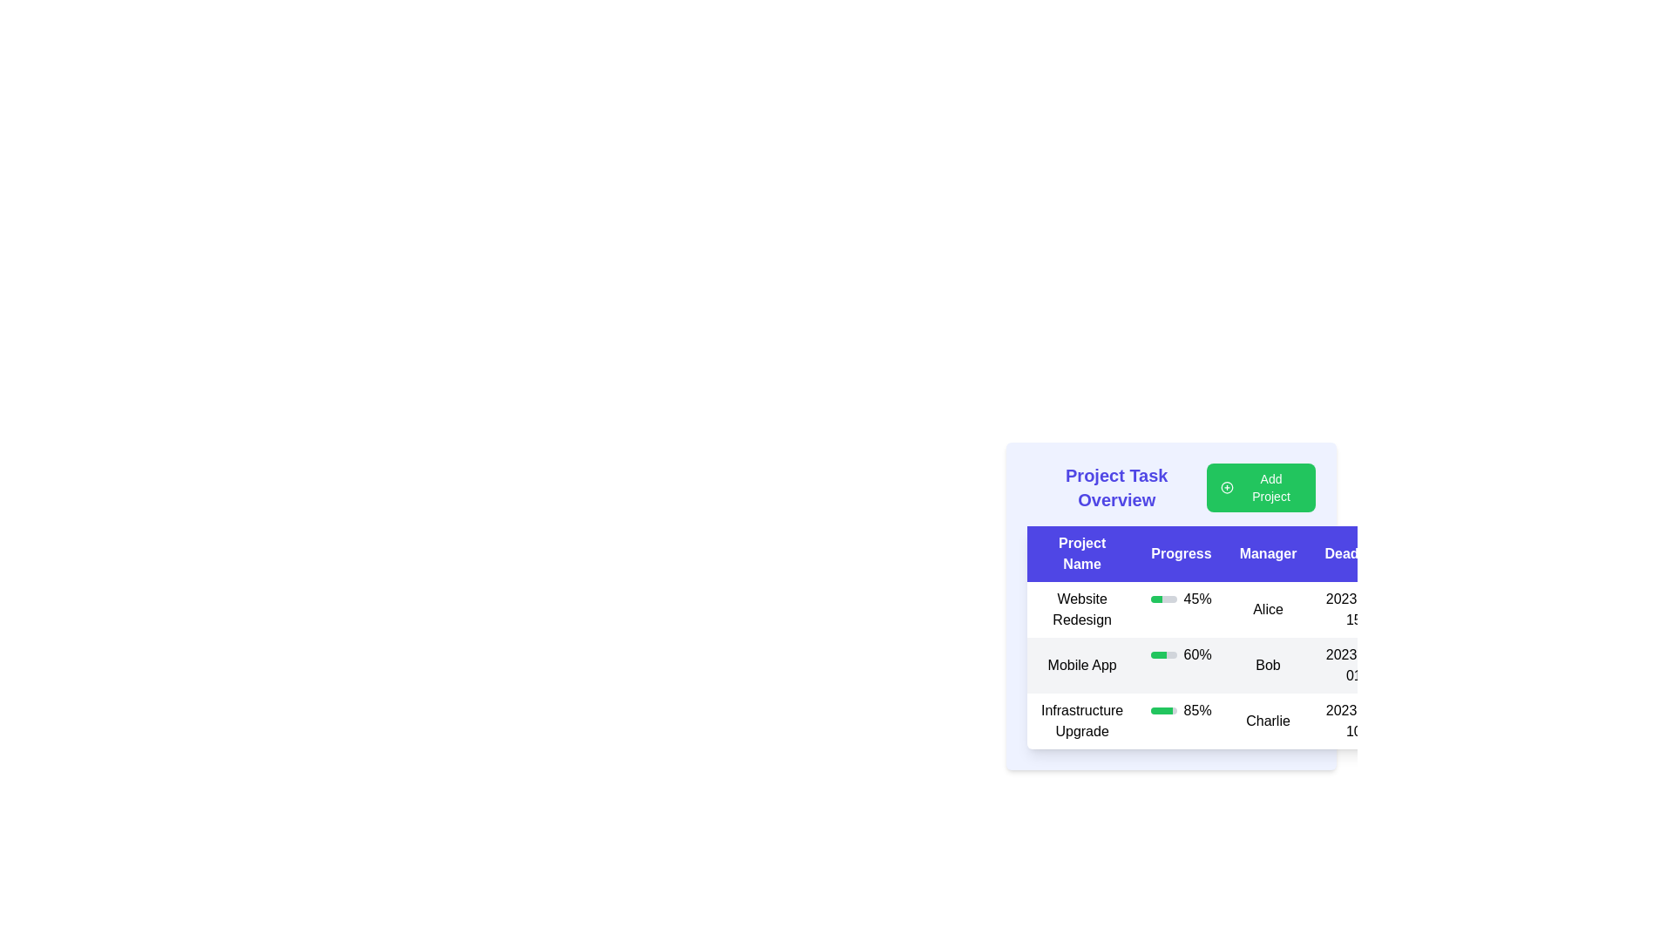 The height and width of the screenshot is (941, 1673). Describe the element at coordinates (1268, 665) in the screenshot. I see `the static text label displaying 'Bob' located under the 'Manager' column in the 'Mobile App' row of the table for further actions` at that location.